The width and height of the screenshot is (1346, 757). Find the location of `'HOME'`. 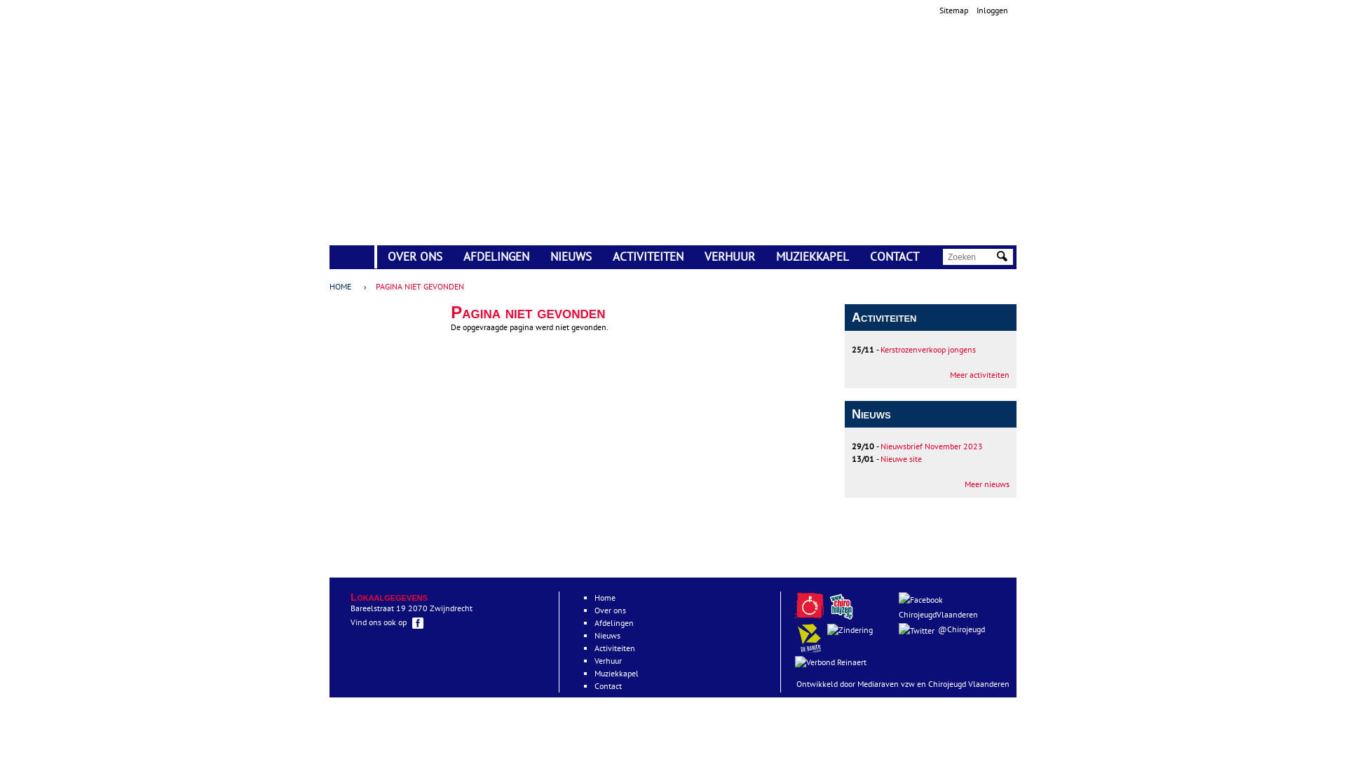

'HOME' is located at coordinates (344, 285).